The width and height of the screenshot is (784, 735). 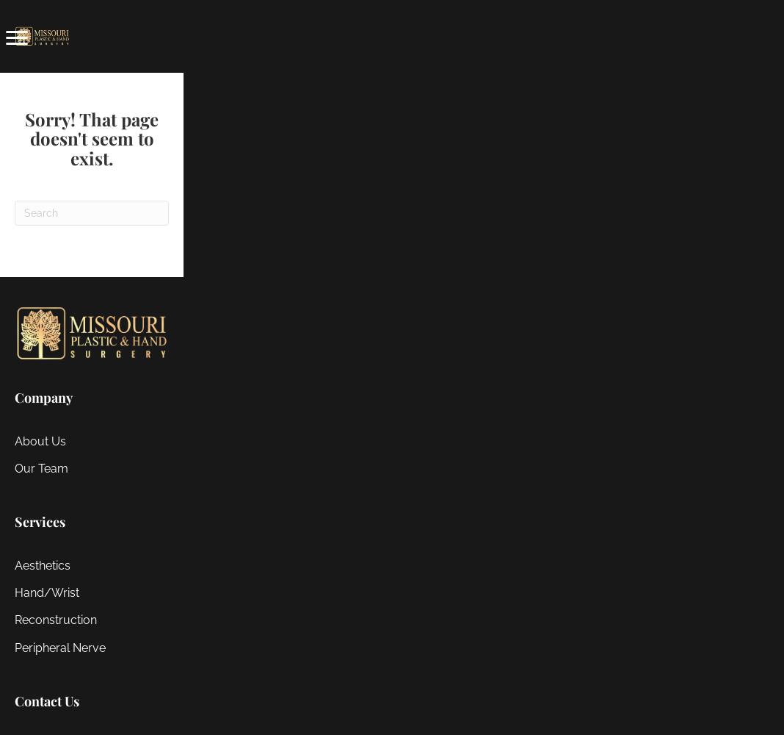 What do you see at coordinates (59, 647) in the screenshot?
I see `'Peripheral Nerve'` at bounding box center [59, 647].